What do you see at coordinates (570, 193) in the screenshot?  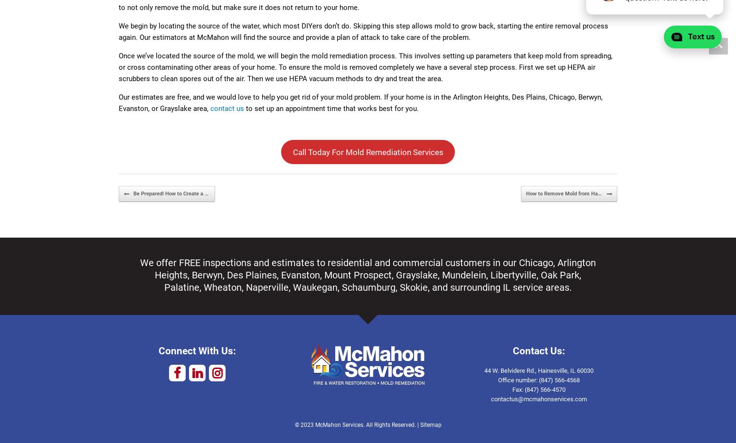 I see `'How to Remove Mold from Hardwood'` at bounding box center [570, 193].